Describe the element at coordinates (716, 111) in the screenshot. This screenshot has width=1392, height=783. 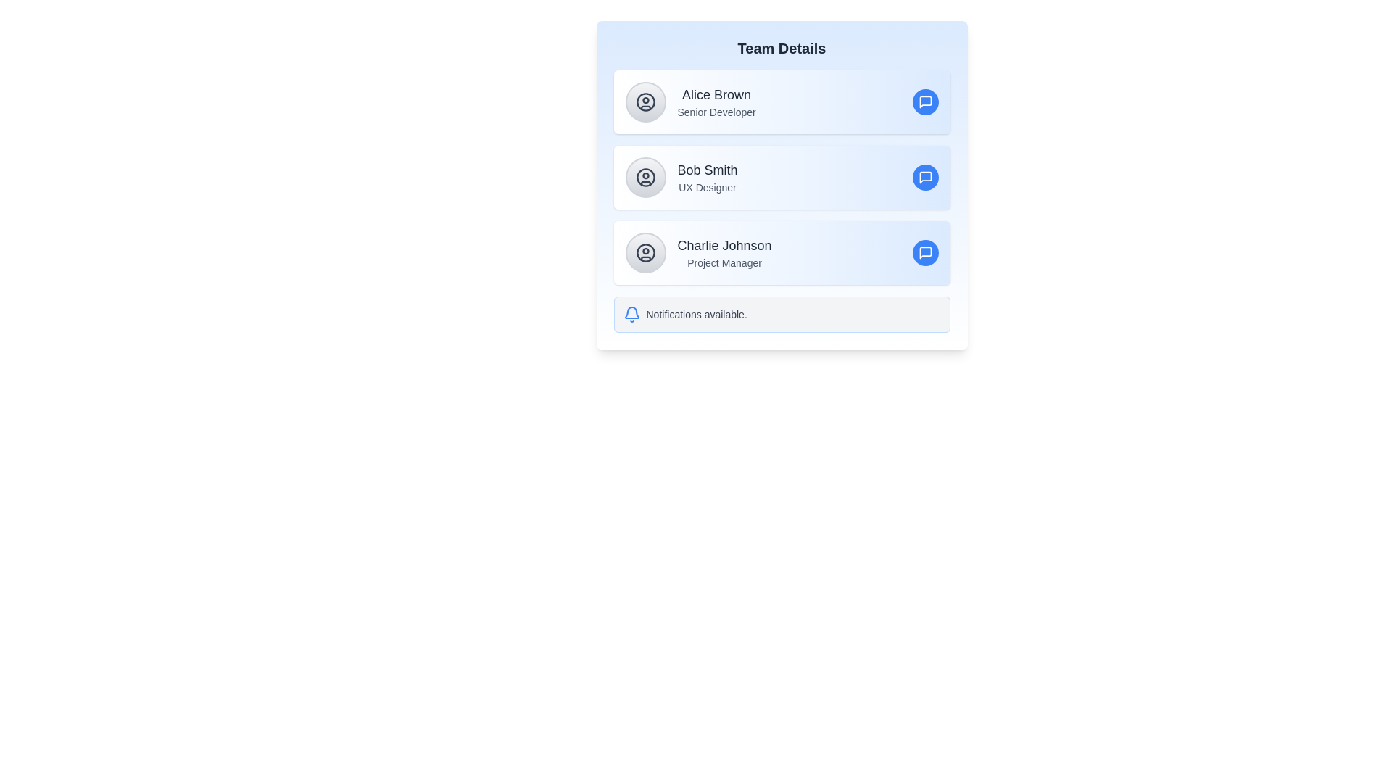
I see `text content of the label displaying 'Senior Developer', which is positioned directly below the bold text 'Alice Brown' in the 'Team Details' section` at that location.